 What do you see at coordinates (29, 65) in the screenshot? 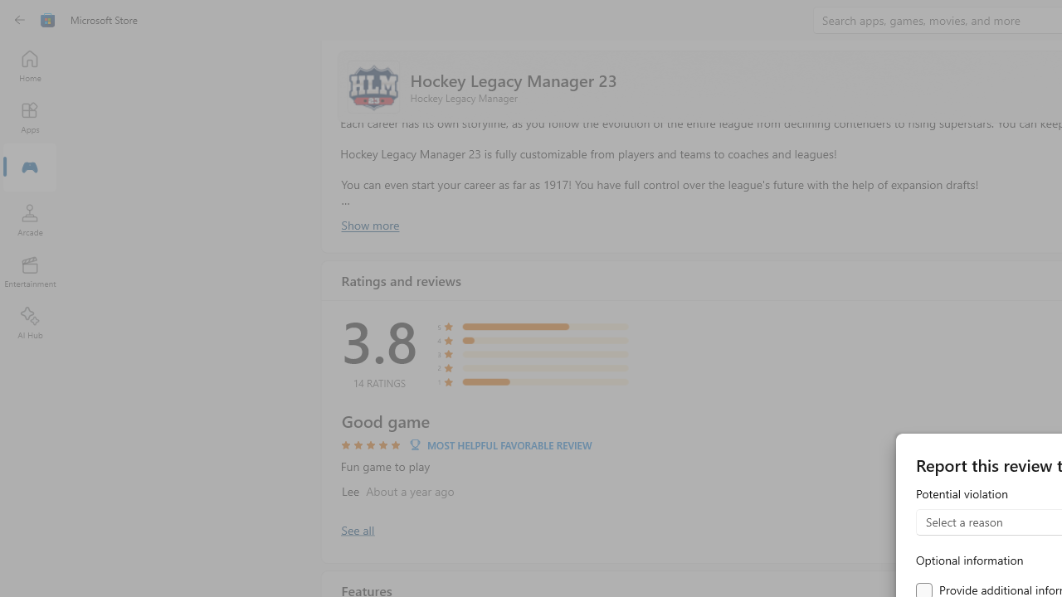
I see `'Home'` at bounding box center [29, 65].